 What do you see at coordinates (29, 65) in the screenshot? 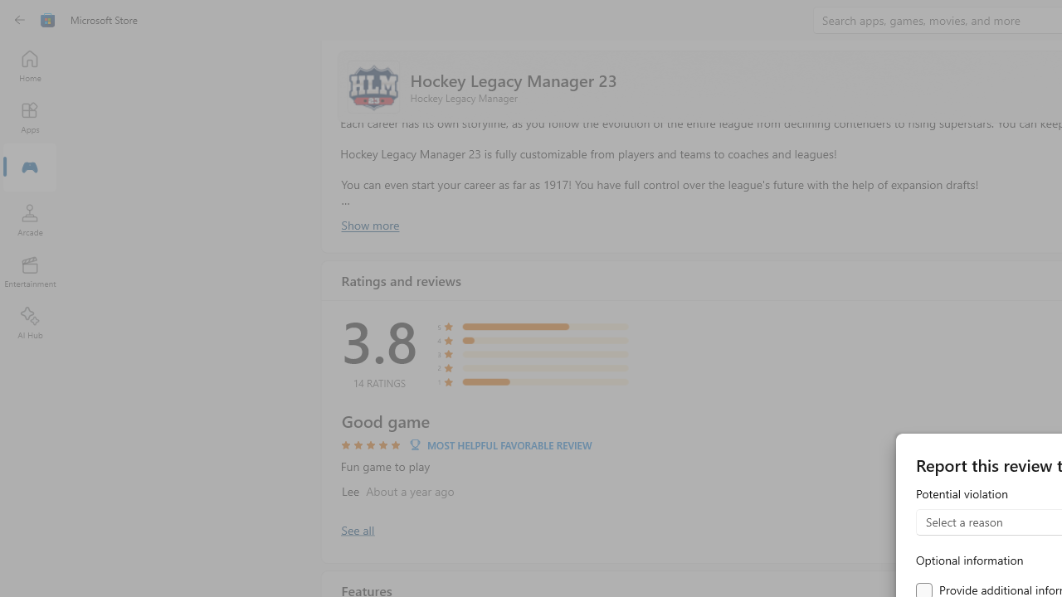
I see `'Home'` at bounding box center [29, 65].